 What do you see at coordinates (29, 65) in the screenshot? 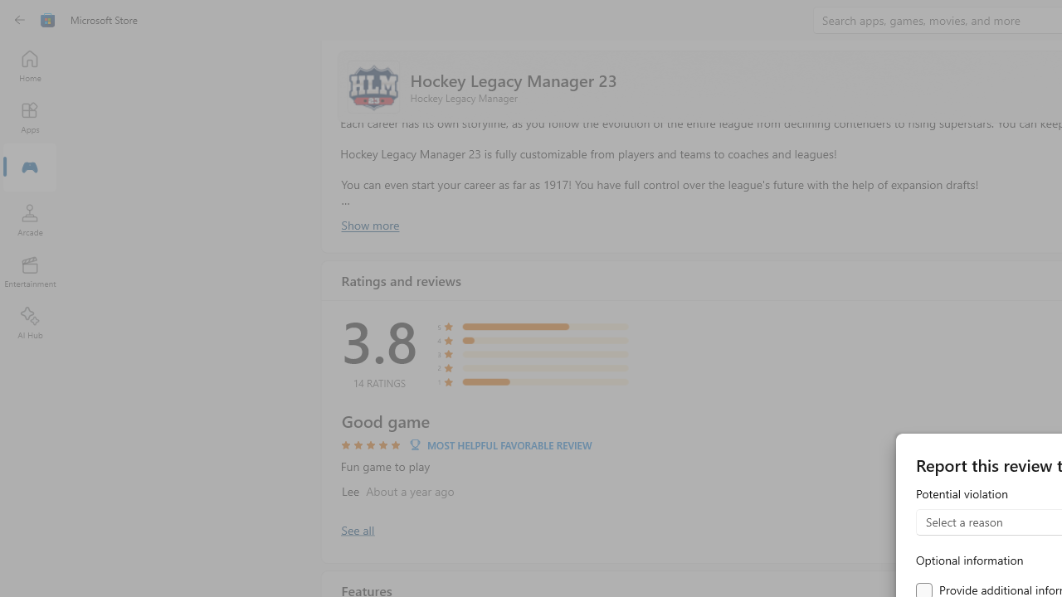
I see `'Home'` at bounding box center [29, 65].